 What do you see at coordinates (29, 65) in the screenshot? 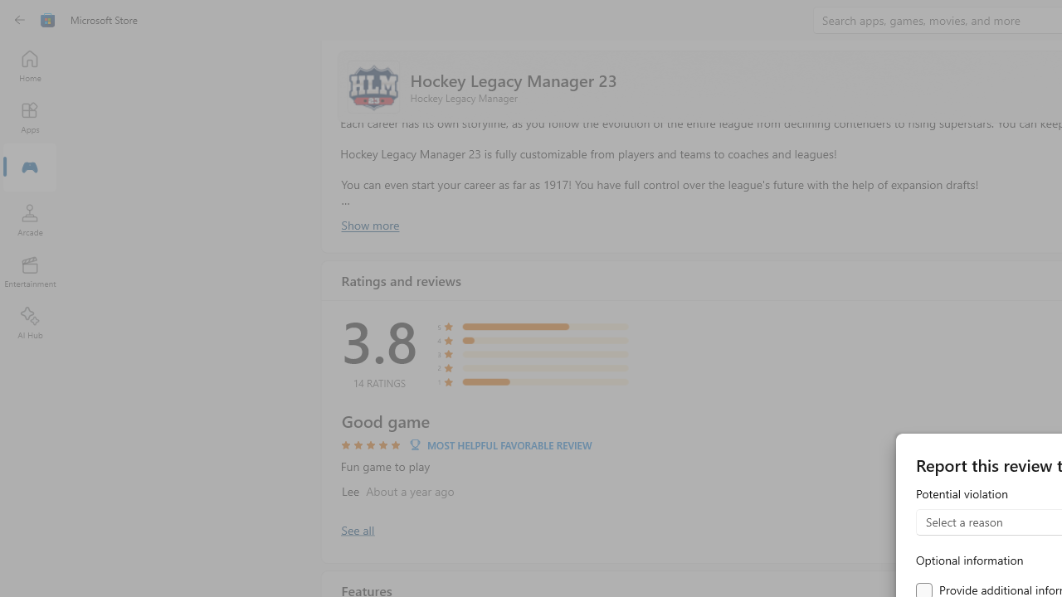
I see `'Home'` at bounding box center [29, 65].